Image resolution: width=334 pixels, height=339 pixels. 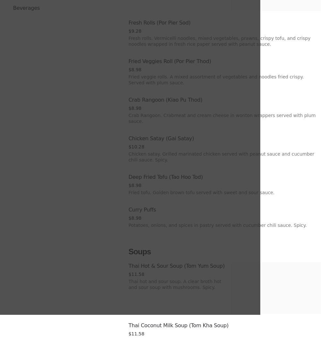 I want to click on 'Curry Puffs', so click(x=142, y=210).